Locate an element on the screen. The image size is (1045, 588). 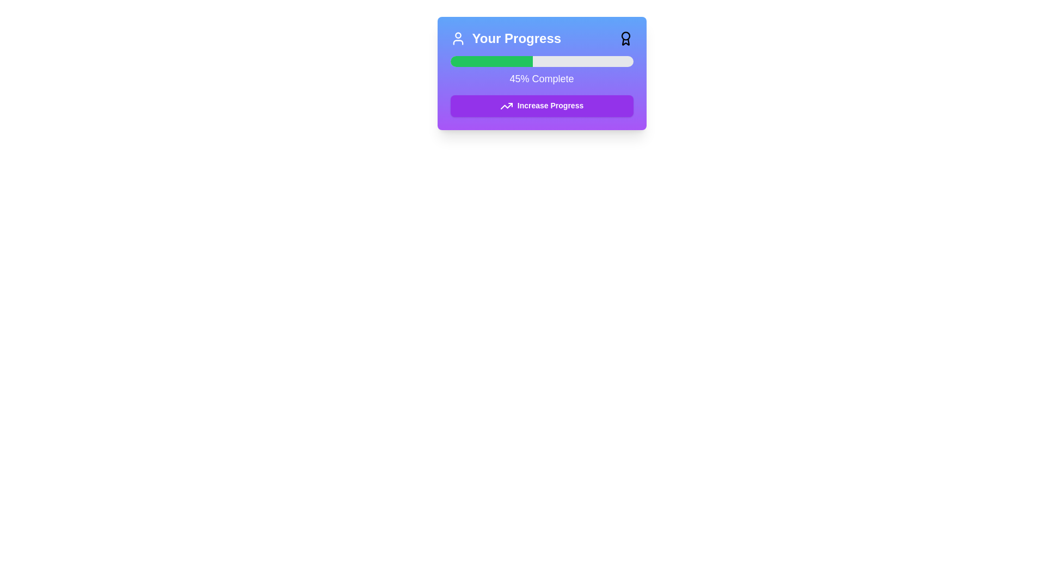
the user profile or account indicator icon located in the blue header area of the progress card, which is the first item on the left before the label 'Your Progress' is located at coordinates (458, 38).